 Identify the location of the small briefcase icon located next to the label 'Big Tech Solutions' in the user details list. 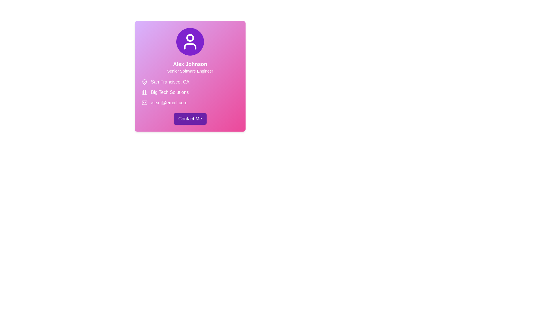
(144, 92).